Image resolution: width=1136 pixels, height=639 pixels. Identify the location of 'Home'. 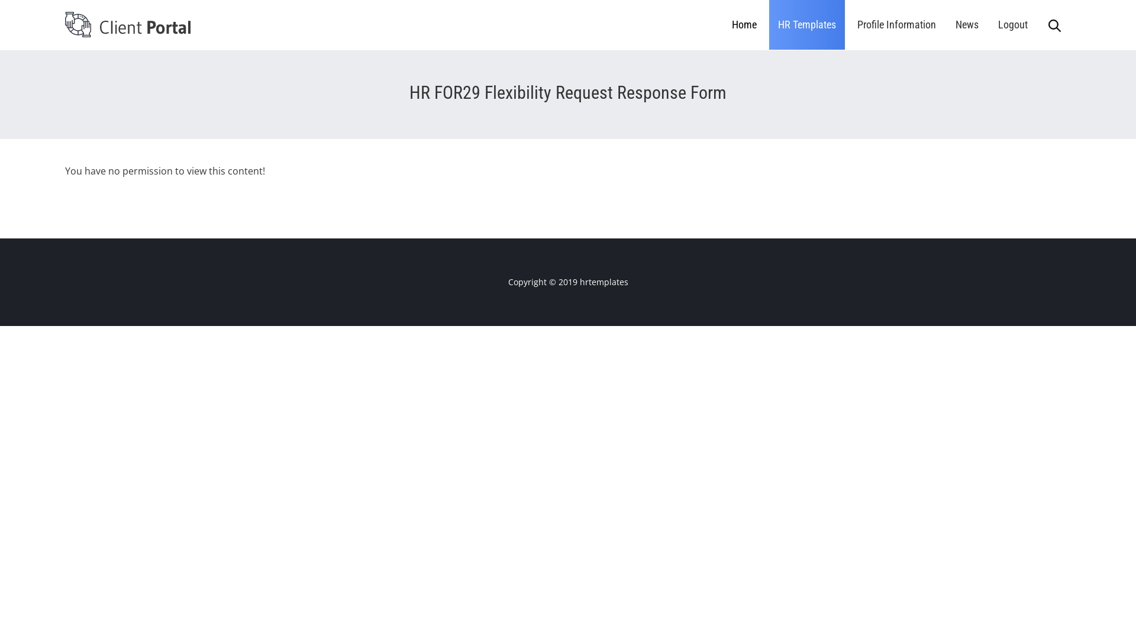
(743, 25).